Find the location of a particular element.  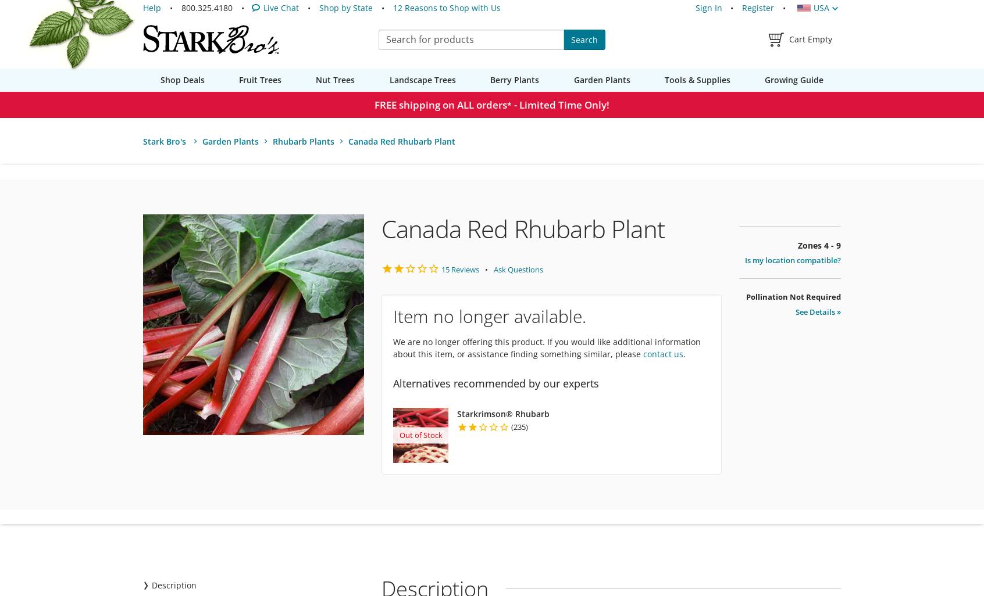

'See Details »' is located at coordinates (818, 312).